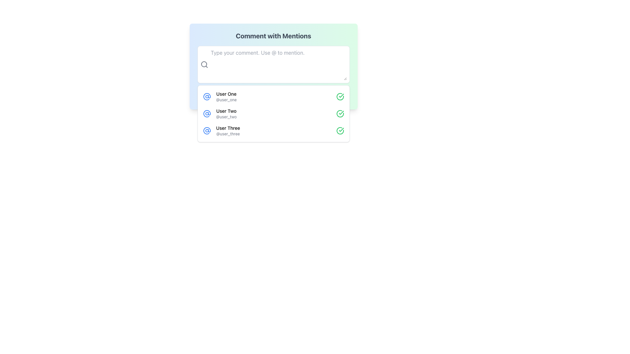 This screenshot has width=630, height=354. I want to click on the Selectable List Item displaying the user's profile name 'User Two' and handle '@user_two', so click(226, 113).